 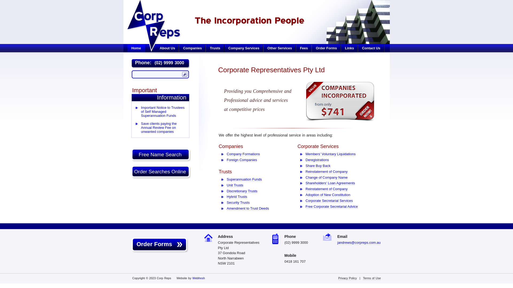 I want to click on 'Discretionary Trusts', so click(x=242, y=191).